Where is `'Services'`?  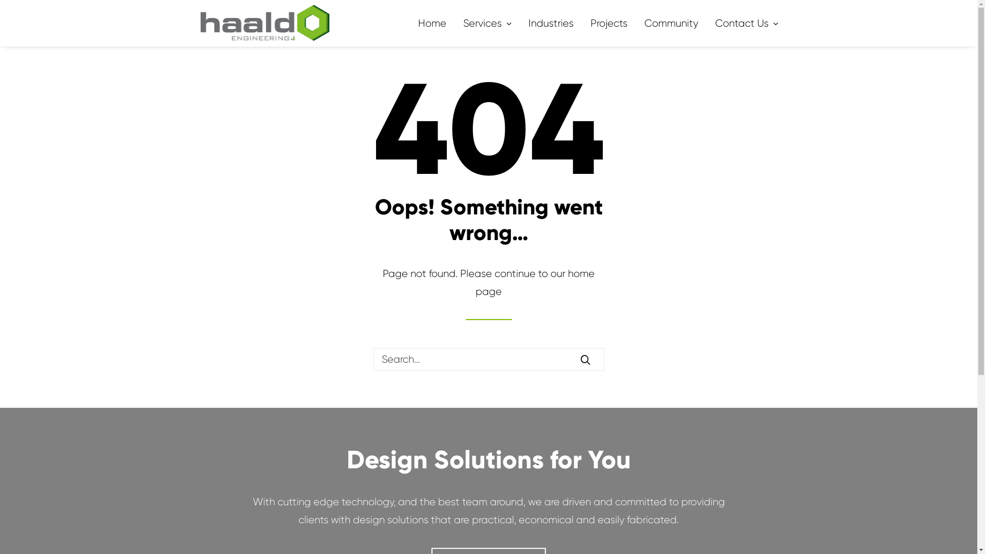
'Services' is located at coordinates (486, 23).